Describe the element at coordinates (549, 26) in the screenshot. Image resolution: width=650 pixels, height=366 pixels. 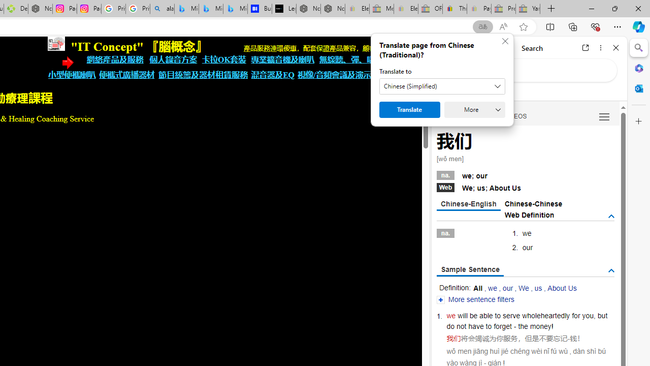
I see `'Split screen'` at that location.